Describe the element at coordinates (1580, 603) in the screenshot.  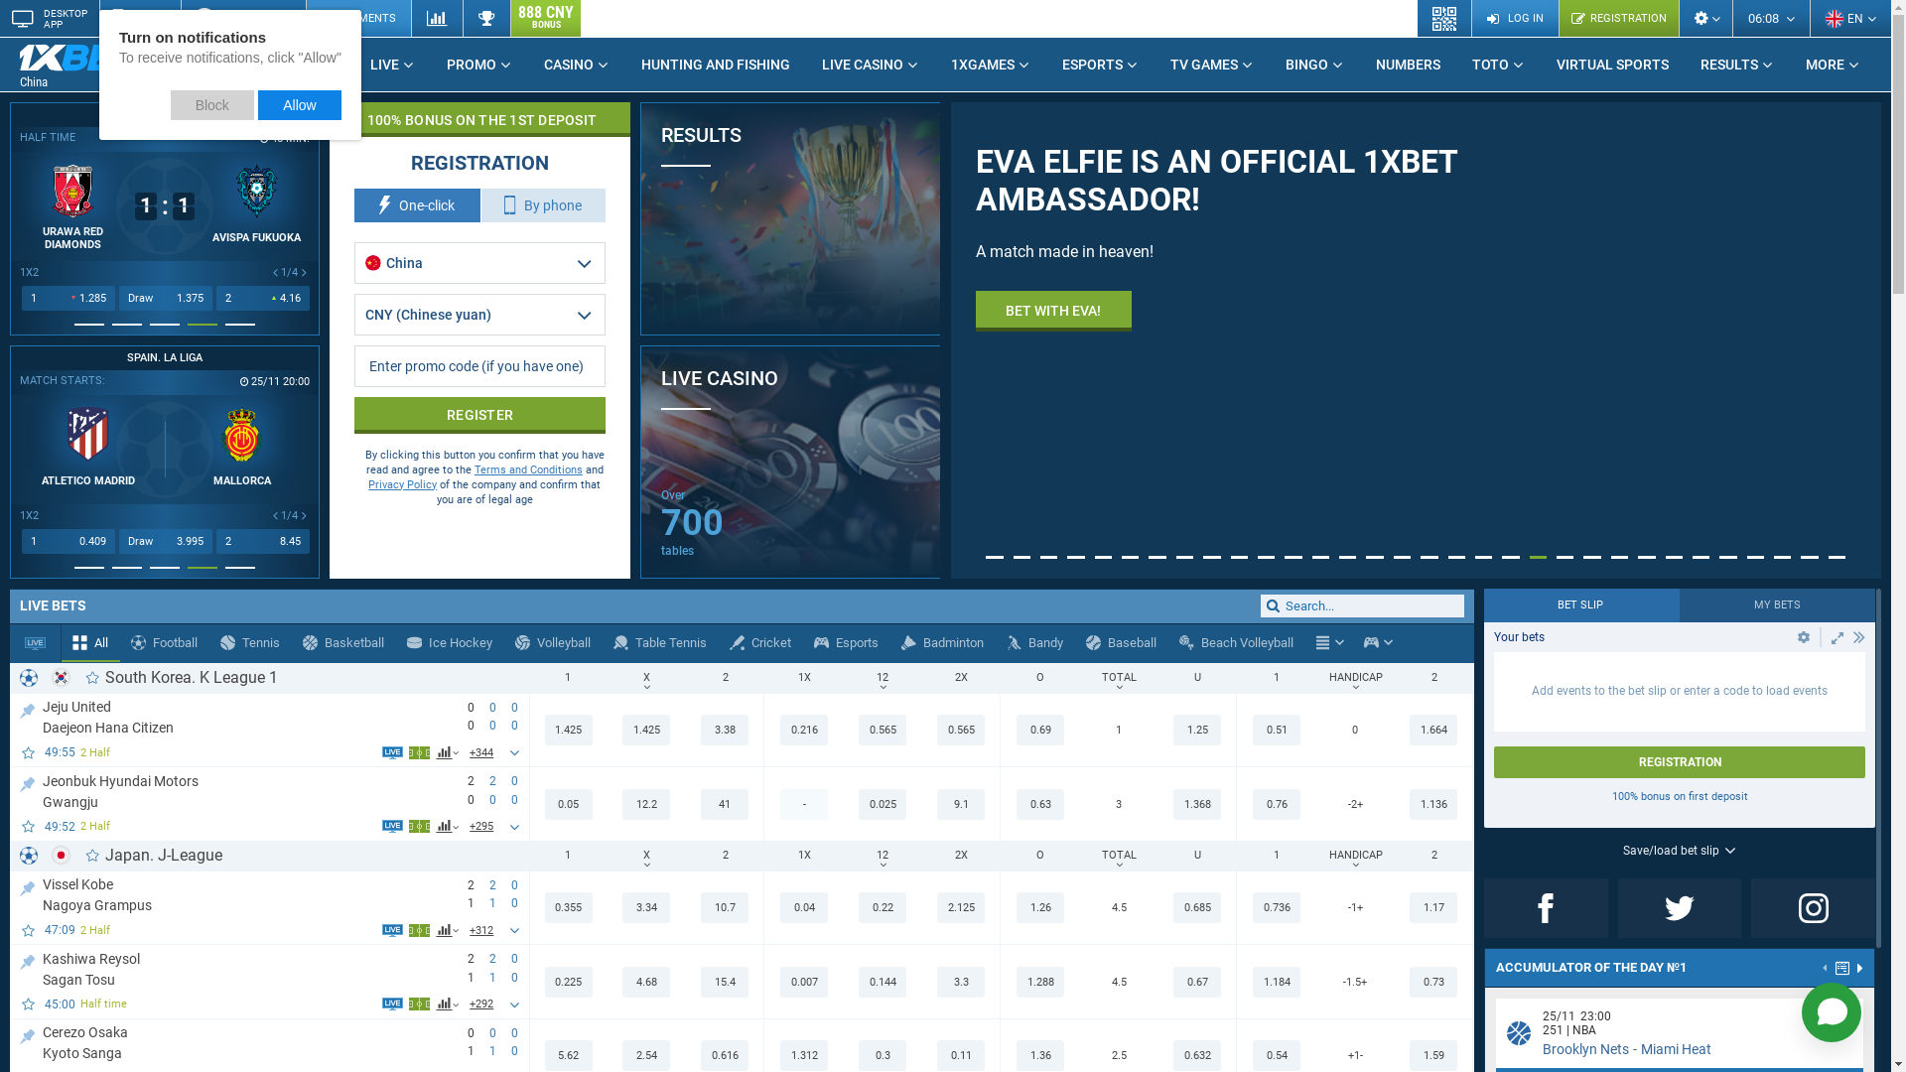
I see `'BET SLIP'` at that location.